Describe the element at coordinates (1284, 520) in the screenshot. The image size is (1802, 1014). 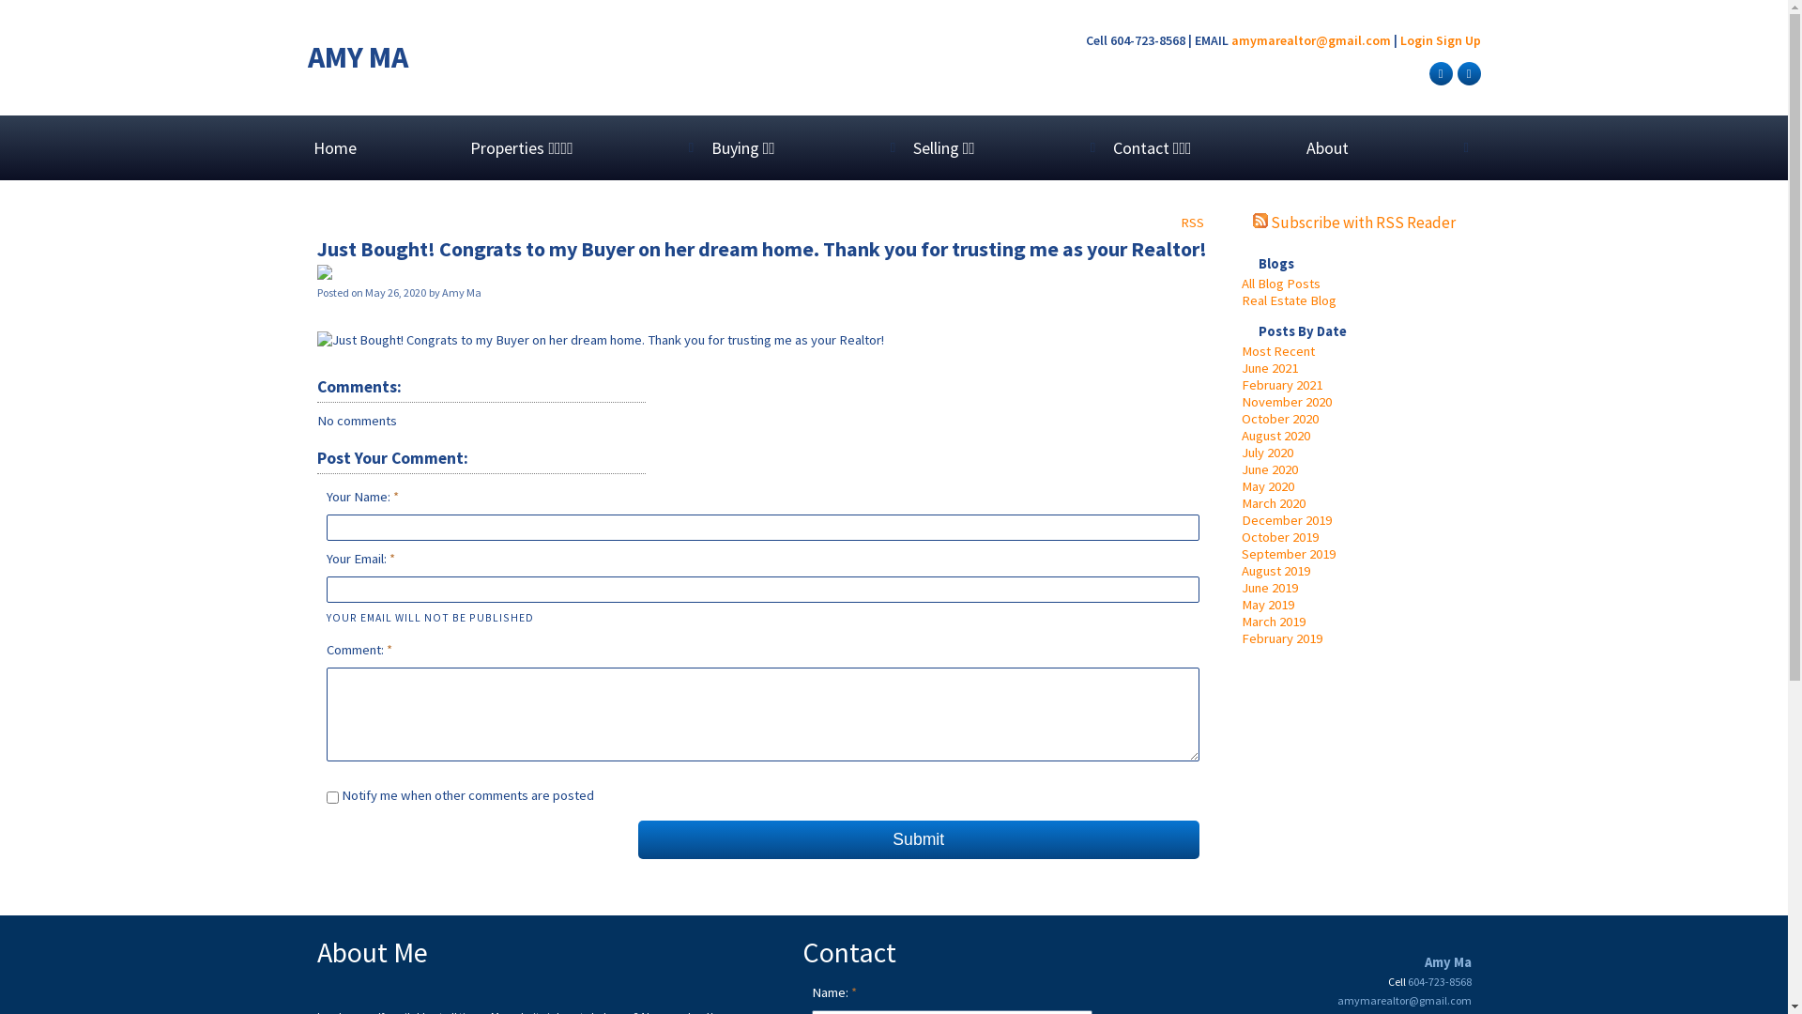
I see `'December 2019'` at that location.